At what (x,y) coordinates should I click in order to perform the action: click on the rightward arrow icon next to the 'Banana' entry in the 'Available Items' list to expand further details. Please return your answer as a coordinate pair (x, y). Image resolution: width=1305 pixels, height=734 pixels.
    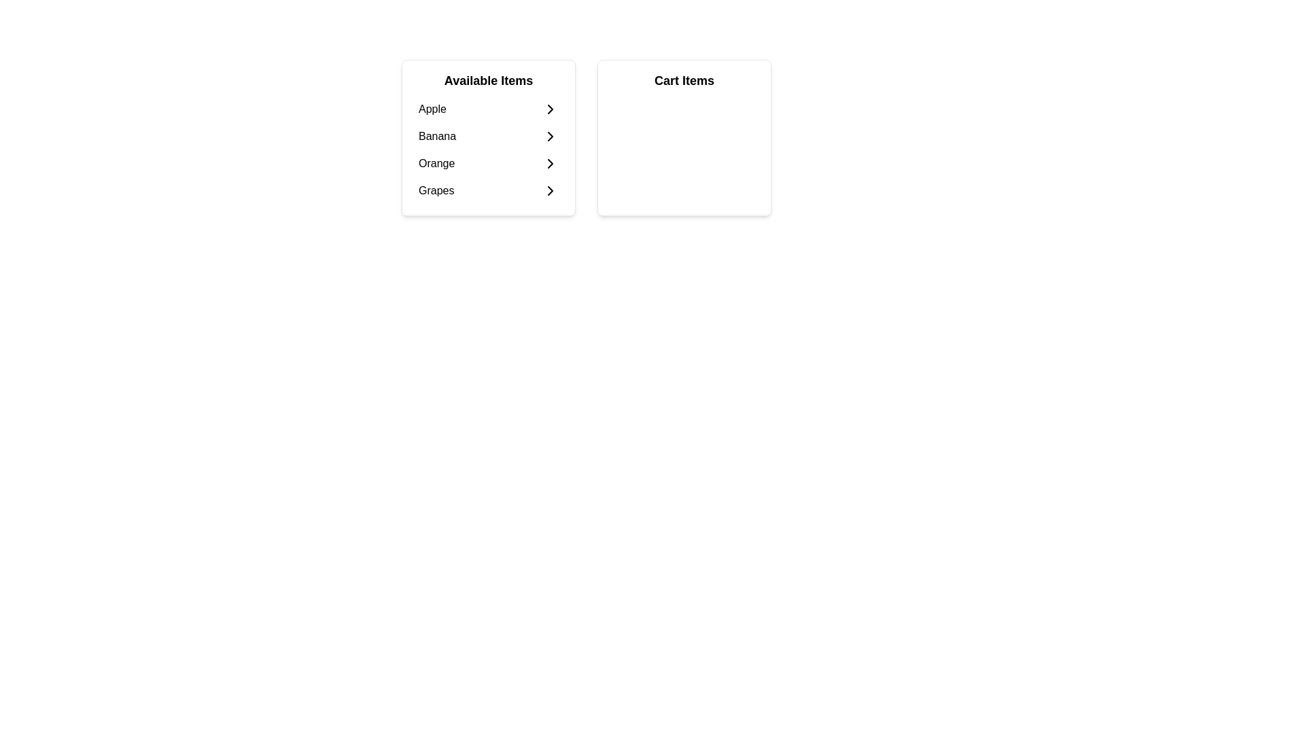
    Looking at the image, I should click on (551, 136).